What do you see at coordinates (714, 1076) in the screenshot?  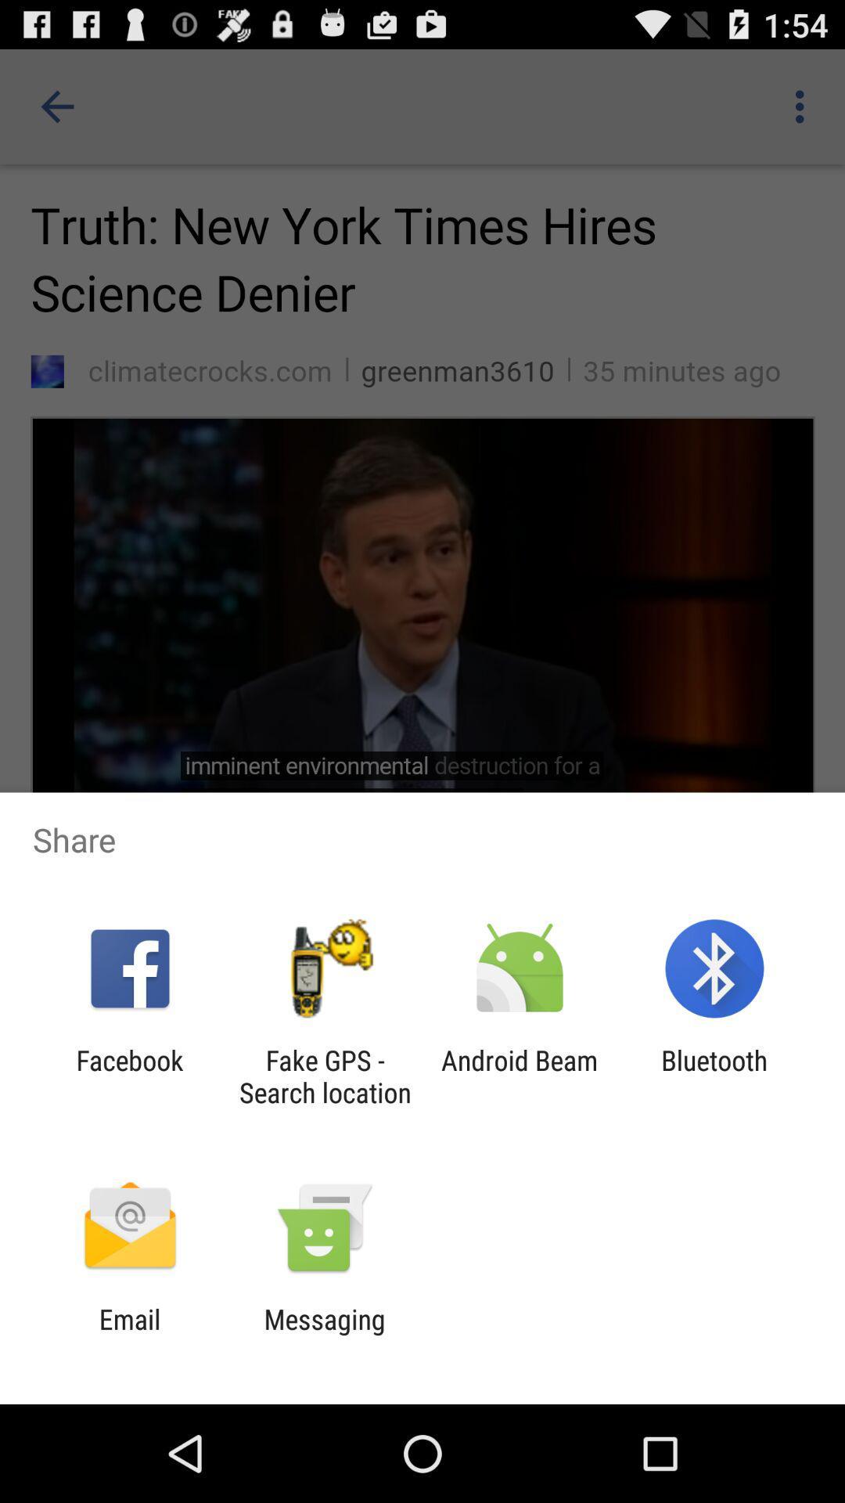 I see `the item to the right of the android beam item` at bounding box center [714, 1076].